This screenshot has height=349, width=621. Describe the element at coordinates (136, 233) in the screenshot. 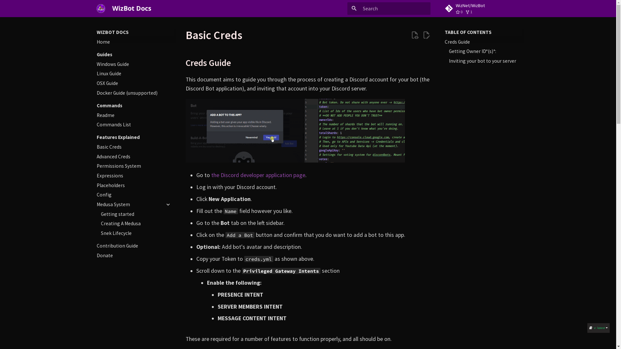

I see `'Snek Lifecycle'` at that location.